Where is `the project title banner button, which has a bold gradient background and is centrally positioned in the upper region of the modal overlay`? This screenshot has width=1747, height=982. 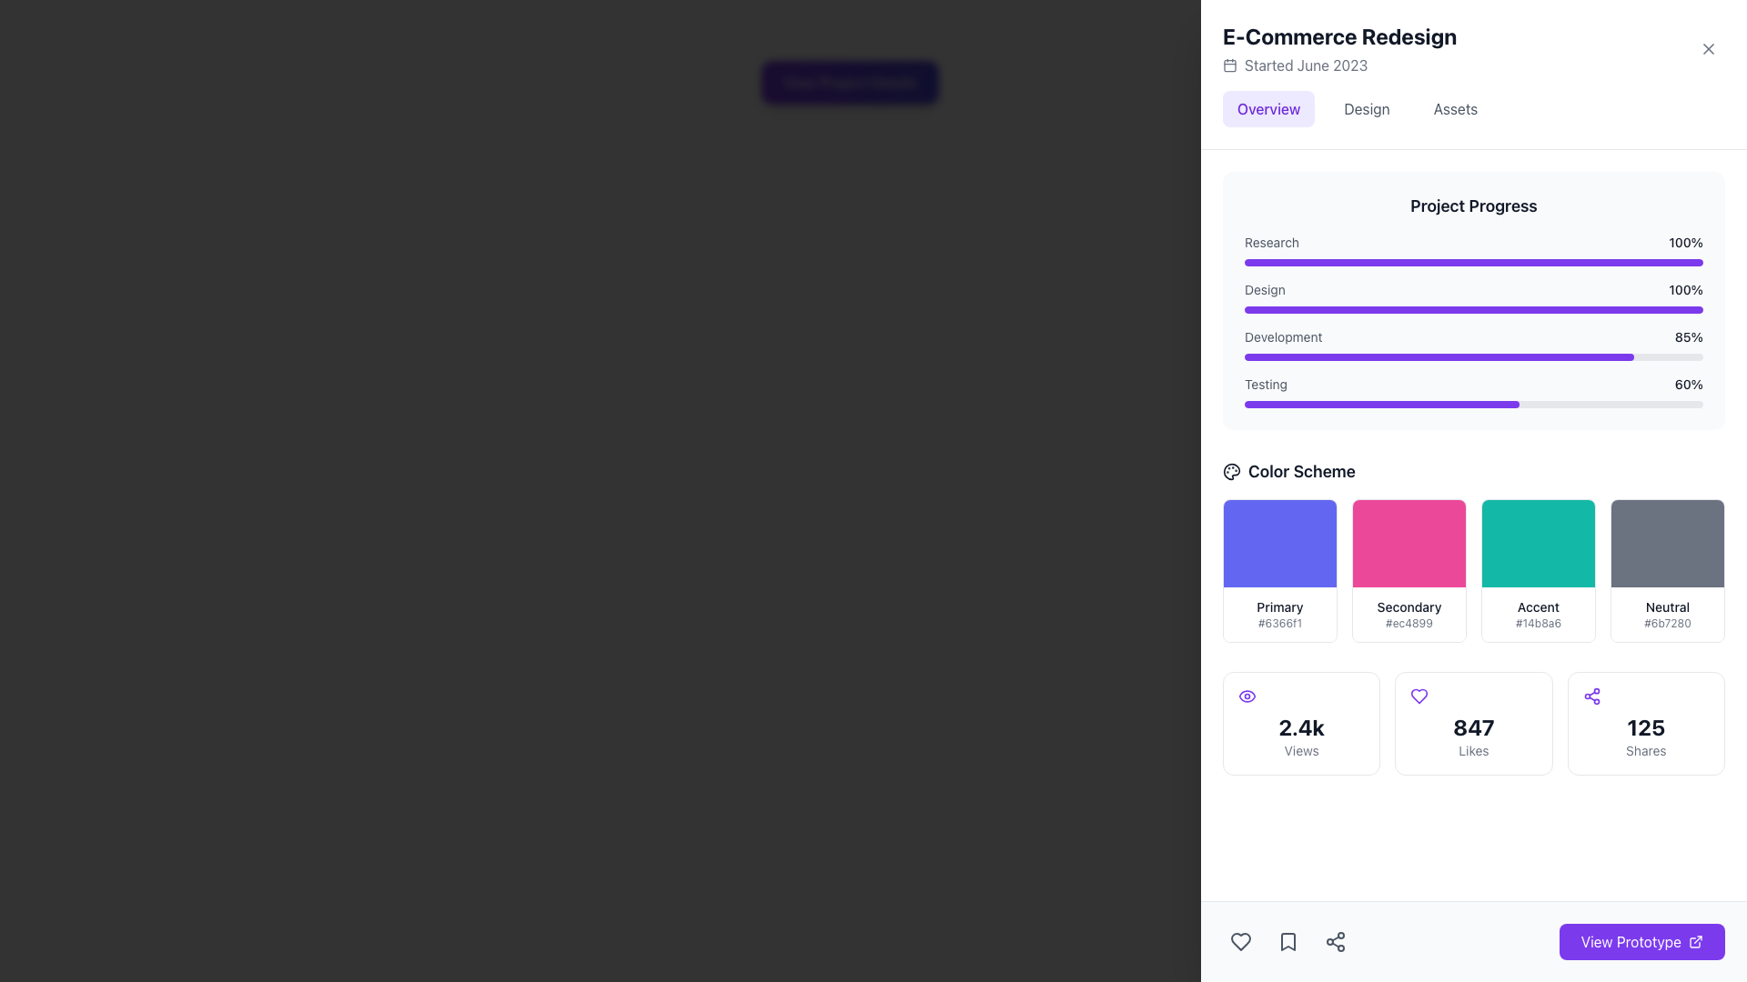 the project title banner button, which has a bold gradient background and is centrally positioned in the upper region of the modal overlay is located at coordinates (849, 83).